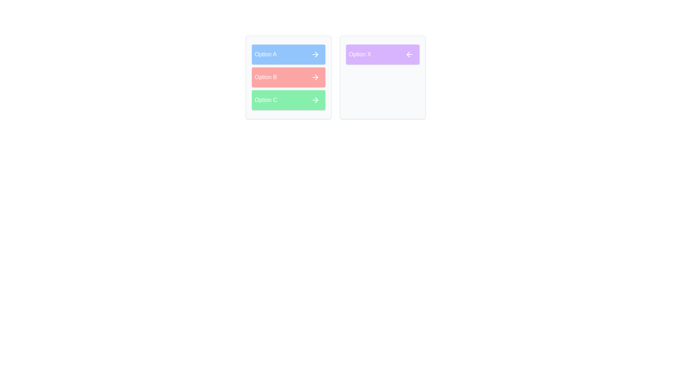 The image size is (685, 385). What do you see at coordinates (382, 54) in the screenshot?
I see `the item Option X in the list` at bounding box center [382, 54].